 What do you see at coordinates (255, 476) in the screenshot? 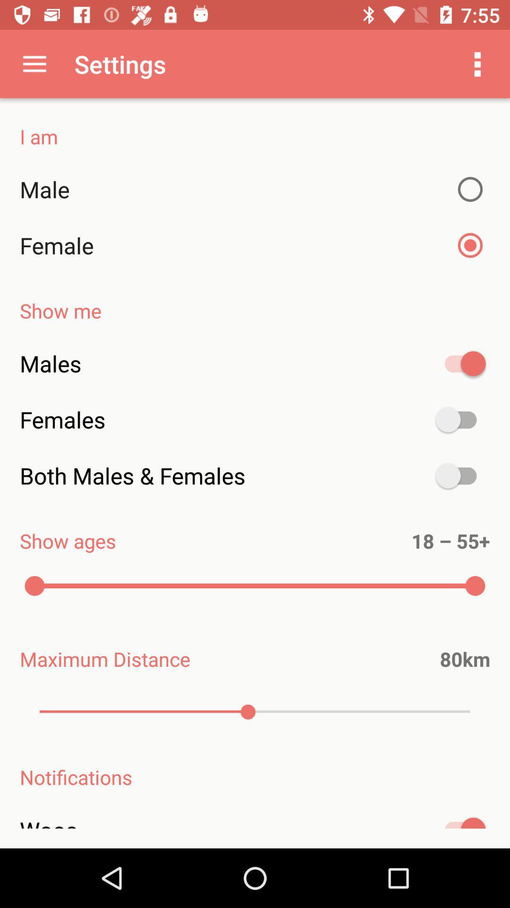
I see `icon above the show ages icon` at bounding box center [255, 476].